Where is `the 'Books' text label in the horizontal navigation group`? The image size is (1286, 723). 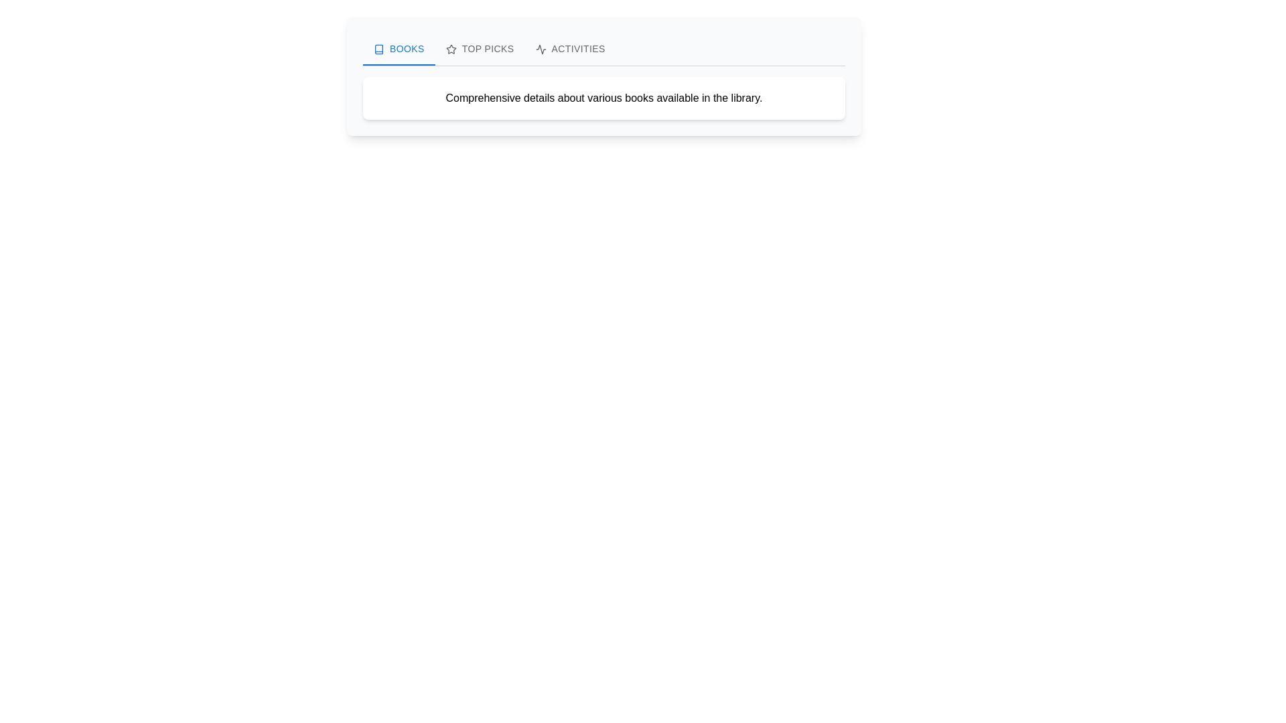
the 'Books' text label in the horizontal navigation group is located at coordinates (406, 48).